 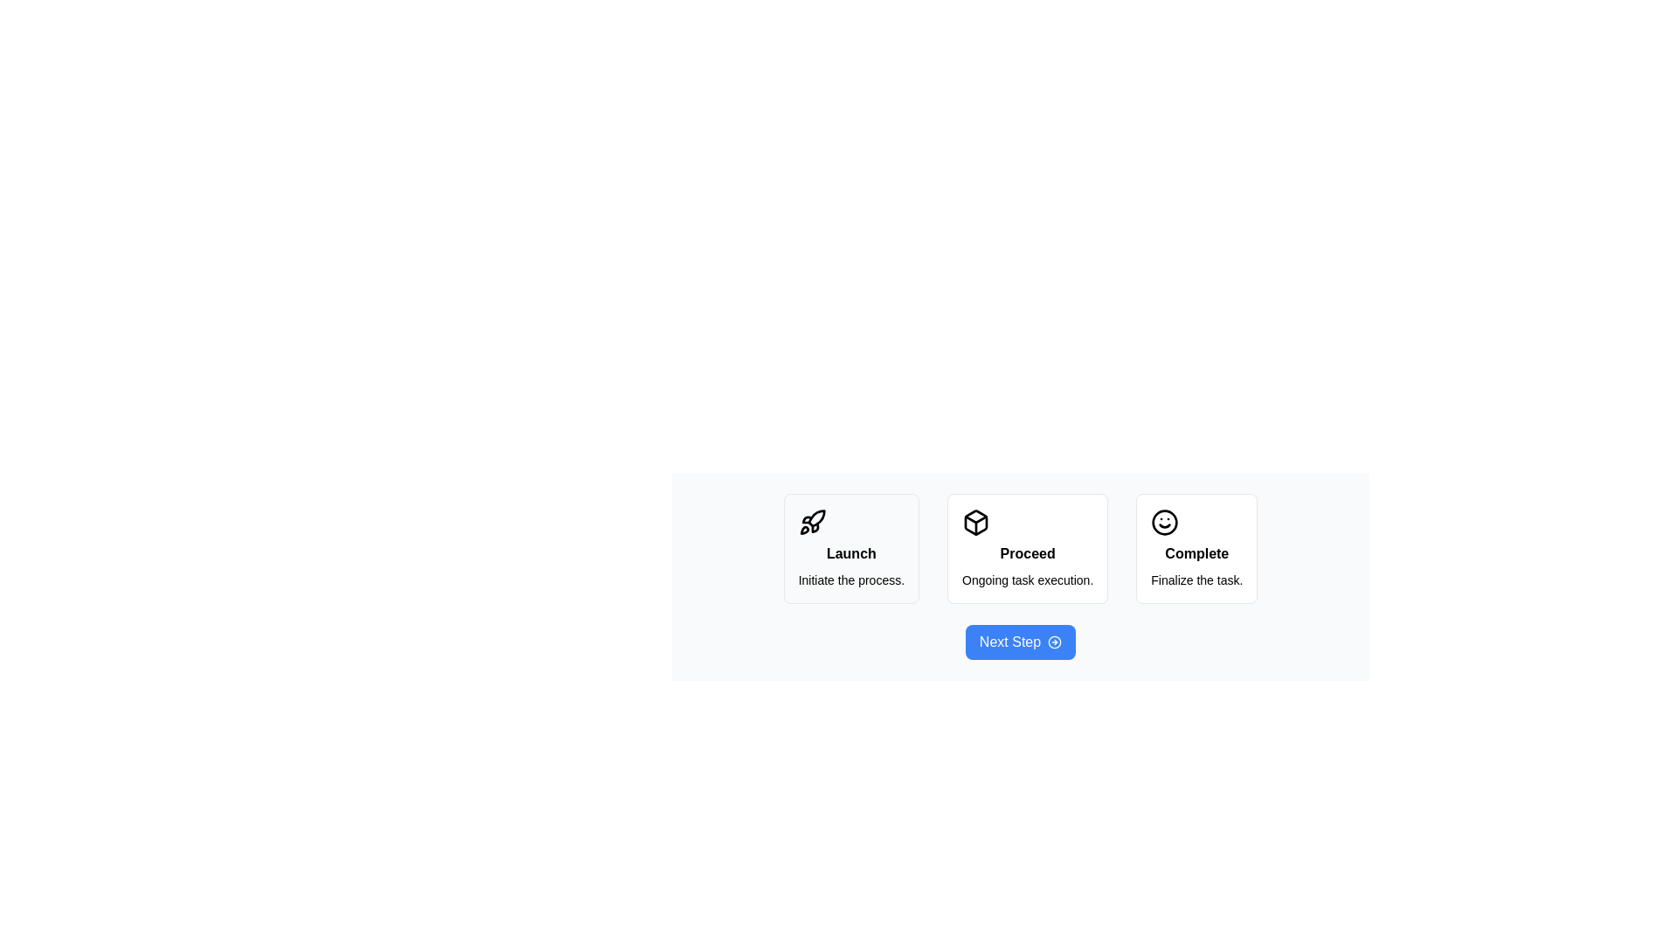 What do you see at coordinates (1196, 580) in the screenshot?
I see `descriptive text about the 'Complete' task located at the bottom of the rightmost card in a row of three cards, directly below the bold text 'Complete'` at bounding box center [1196, 580].